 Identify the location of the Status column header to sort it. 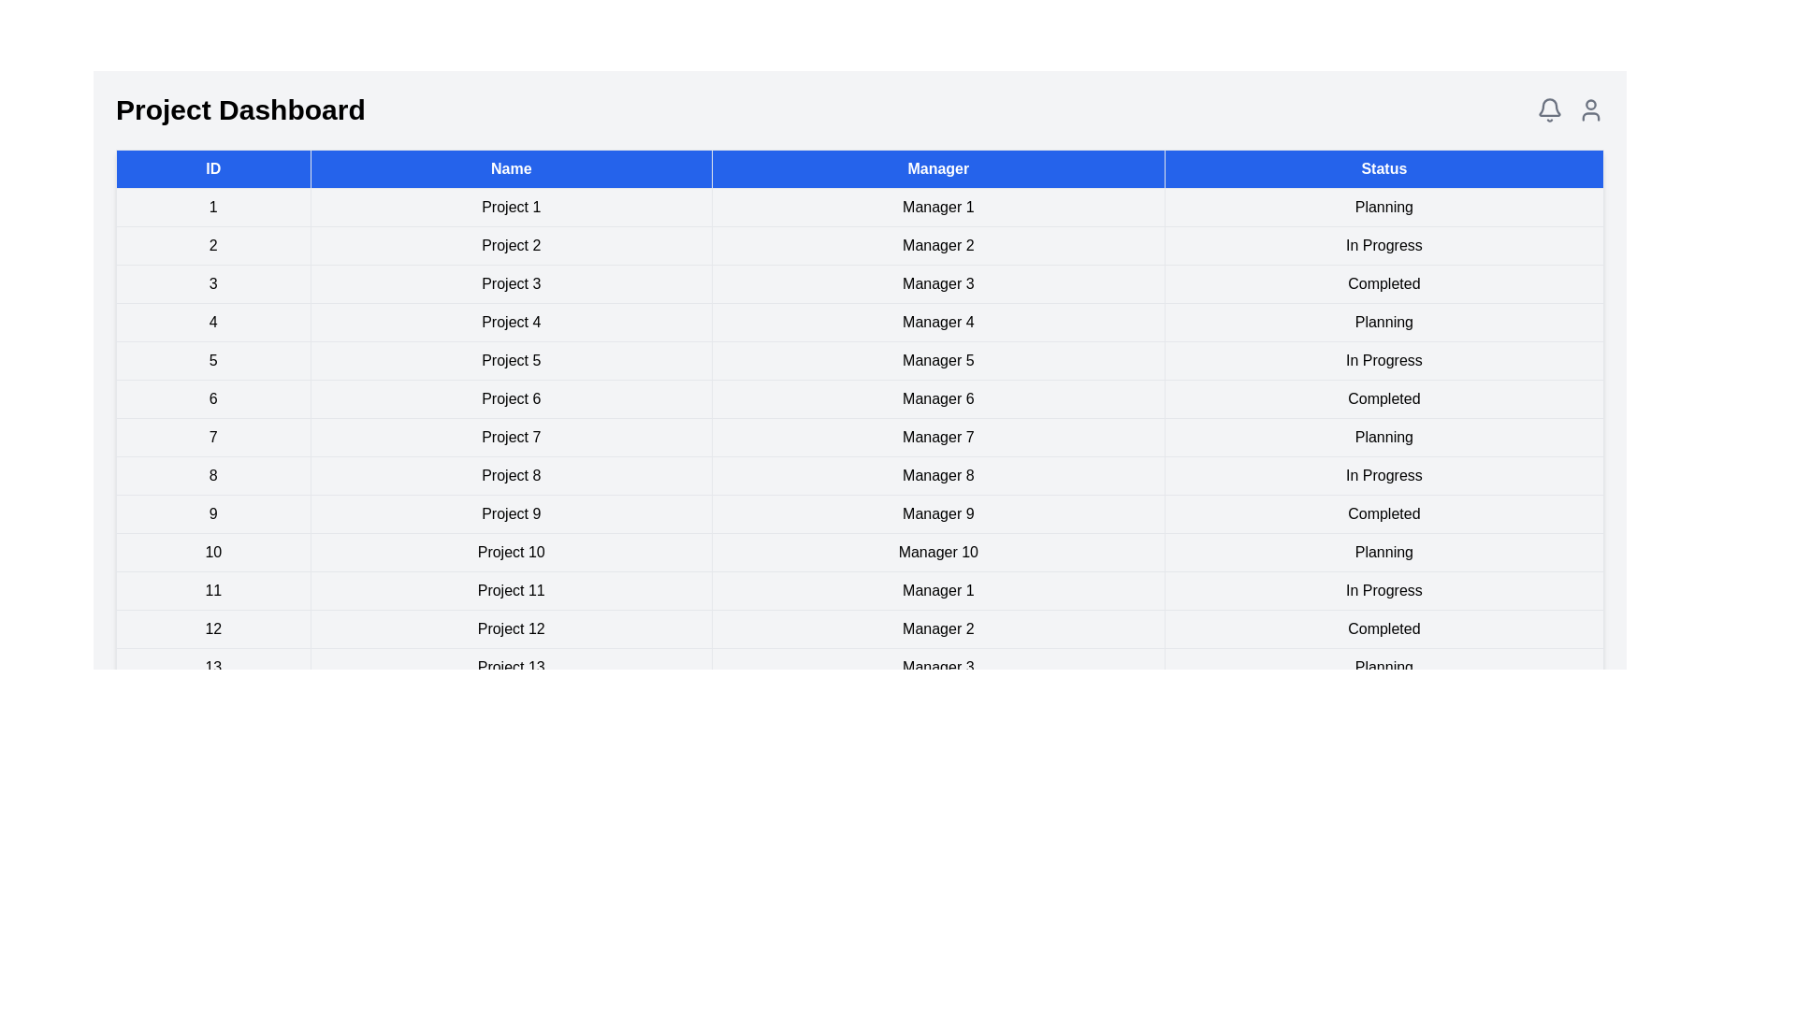
(1383, 169).